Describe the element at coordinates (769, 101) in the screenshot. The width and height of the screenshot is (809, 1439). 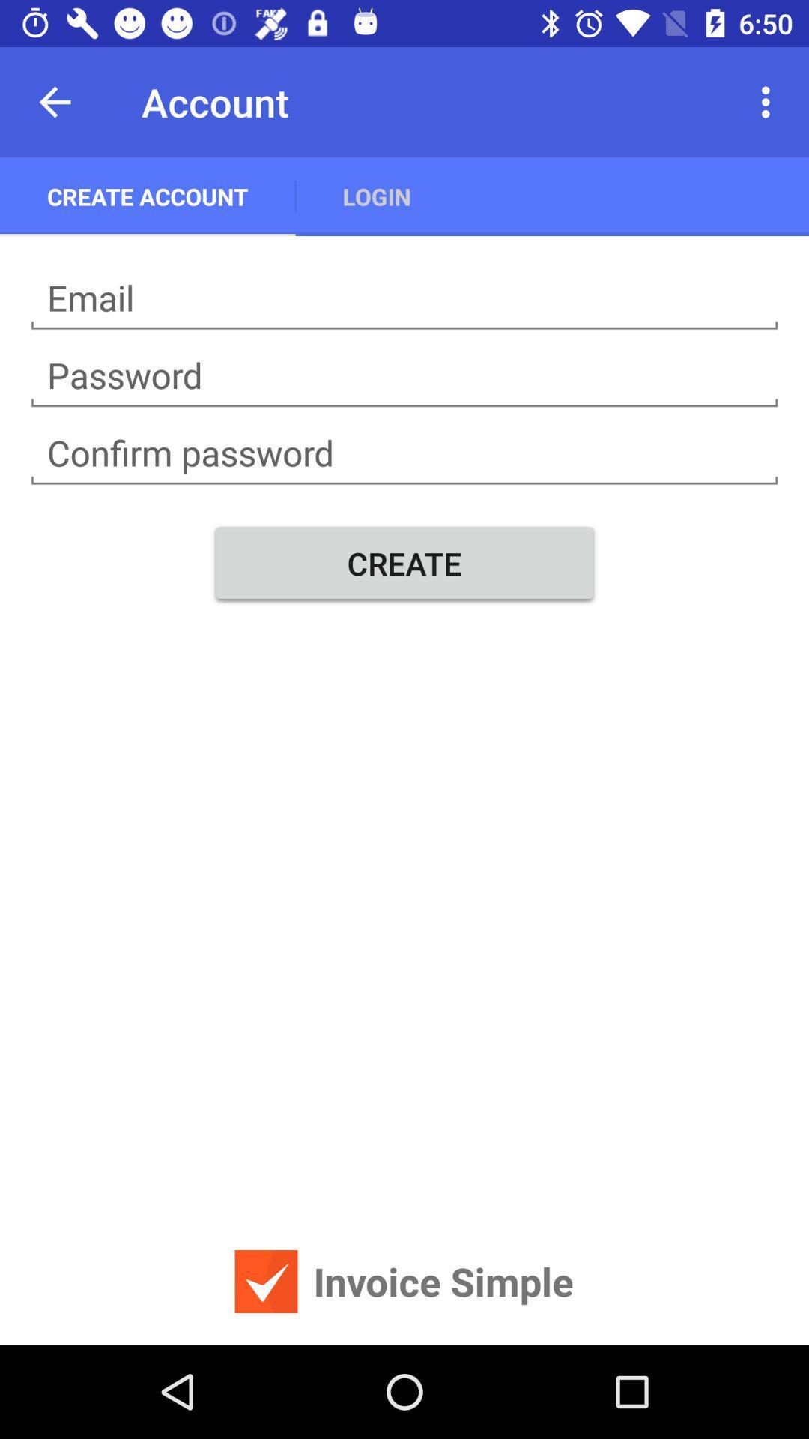
I see `item at the top right corner` at that location.